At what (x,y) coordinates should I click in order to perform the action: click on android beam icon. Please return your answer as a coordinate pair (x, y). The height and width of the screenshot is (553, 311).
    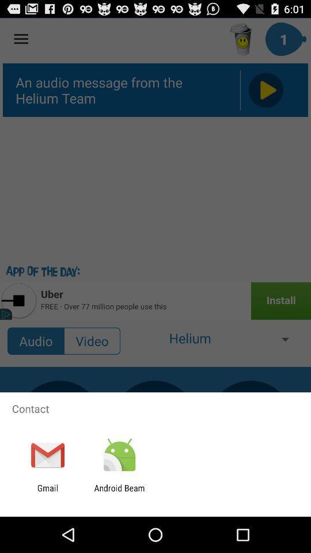
    Looking at the image, I should click on (119, 493).